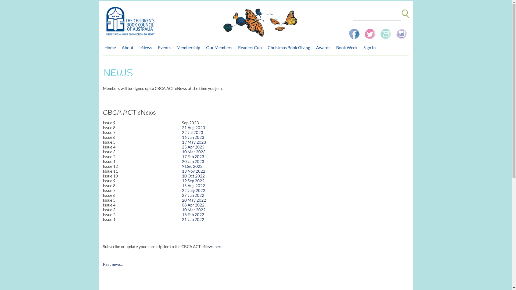  Describe the element at coordinates (193, 147) in the screenshot. I see `'25 Apr 2023'` at that location.